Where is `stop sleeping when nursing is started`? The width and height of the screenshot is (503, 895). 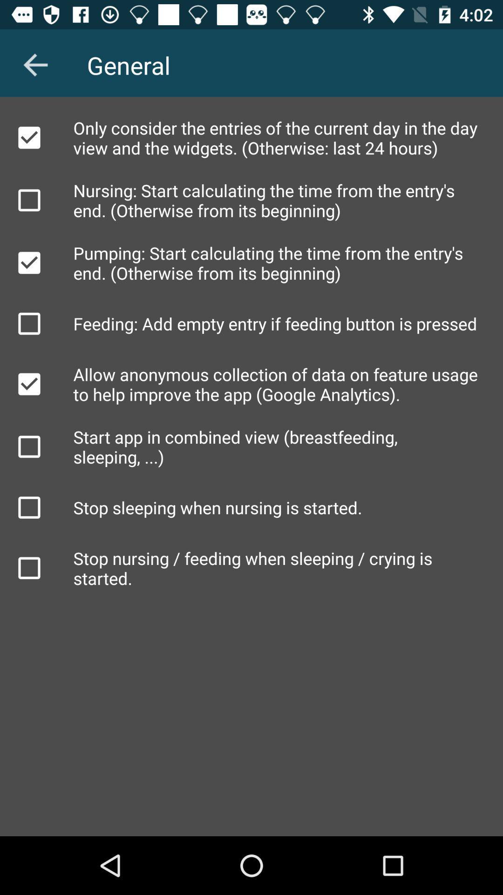
stop sleeping when nursing is started is located at coordinates (28, 507).